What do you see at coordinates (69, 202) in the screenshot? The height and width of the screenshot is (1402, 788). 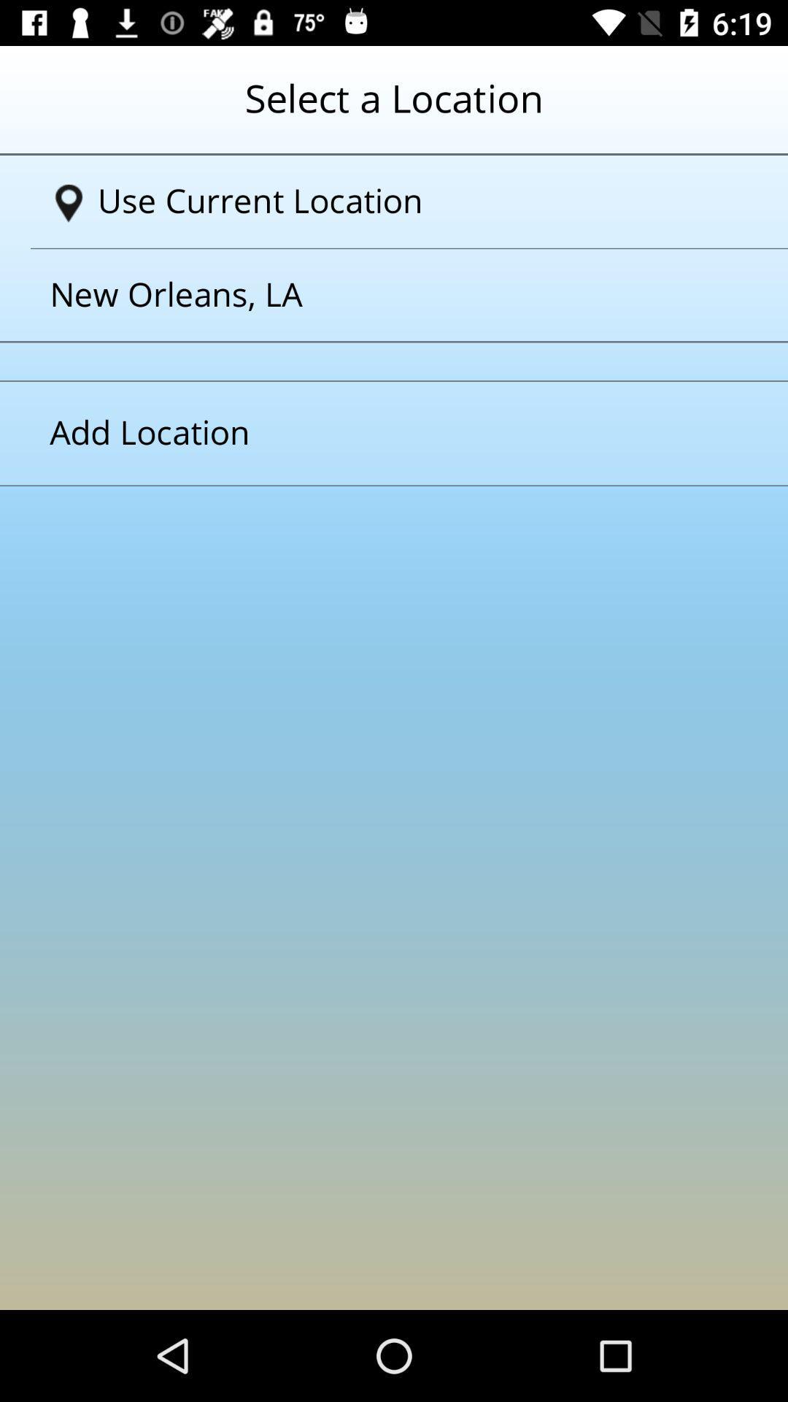 I see `the location icon which is before use current location` at bounding box center [69, 202].